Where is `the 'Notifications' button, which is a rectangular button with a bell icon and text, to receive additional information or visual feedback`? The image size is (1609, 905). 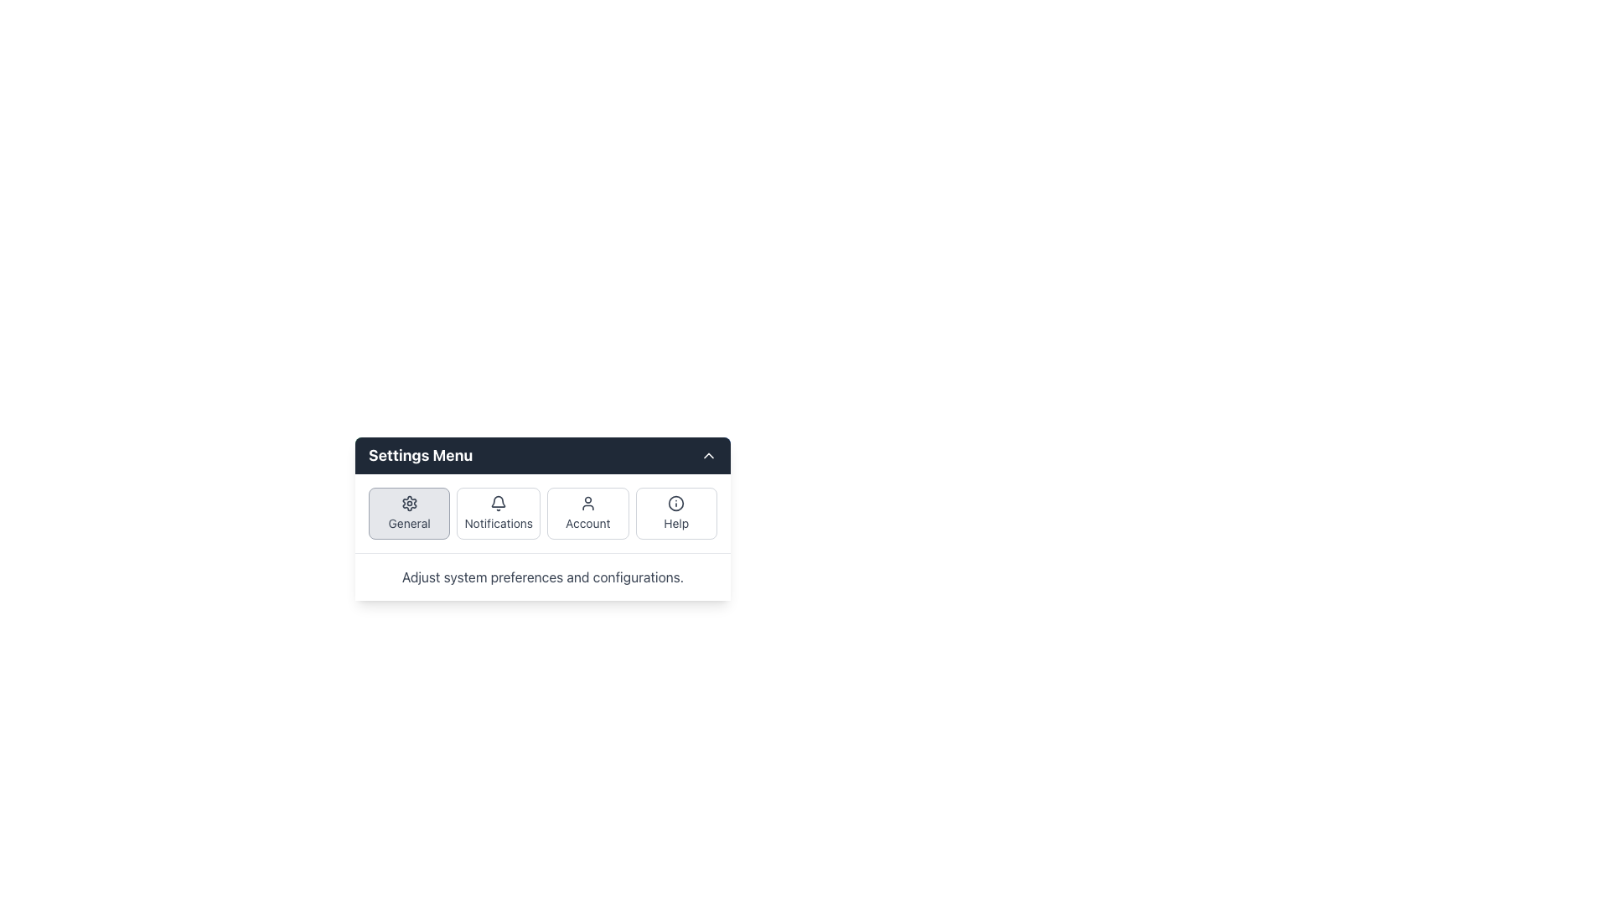
the 'Notifications' button, which is a rectangular button with a bell icon and text, to receive additional information or visual feedback is located at coordinates (498, 513).